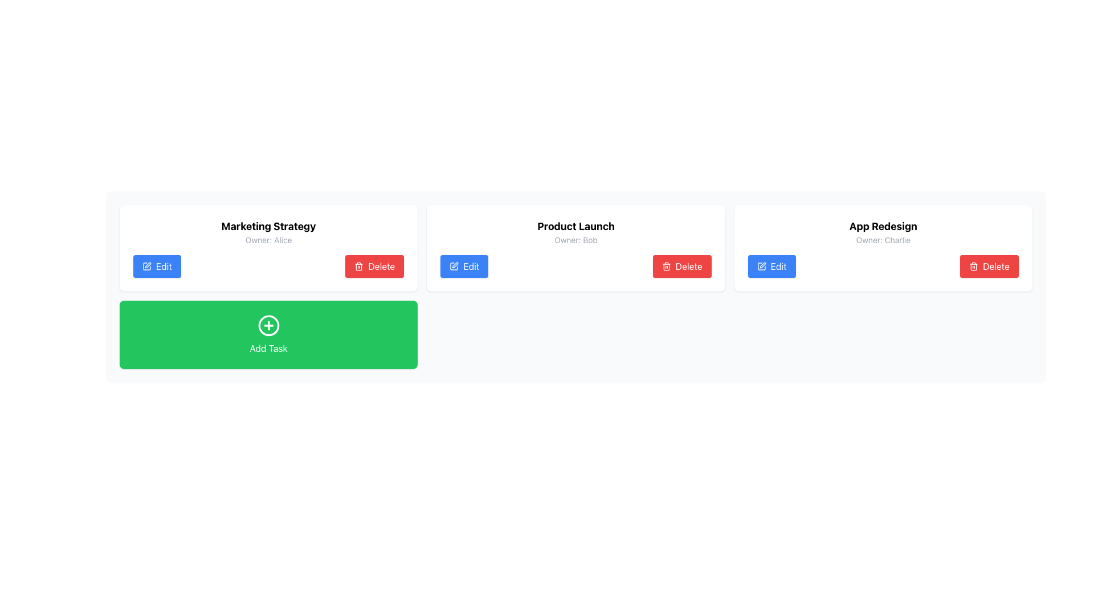  Describe the element at coordinates (146, 266) in the screenshot. I see `the 'Edit' button which contains the square-shaped icon fragment located towards the top-left portion of the button` at that location.